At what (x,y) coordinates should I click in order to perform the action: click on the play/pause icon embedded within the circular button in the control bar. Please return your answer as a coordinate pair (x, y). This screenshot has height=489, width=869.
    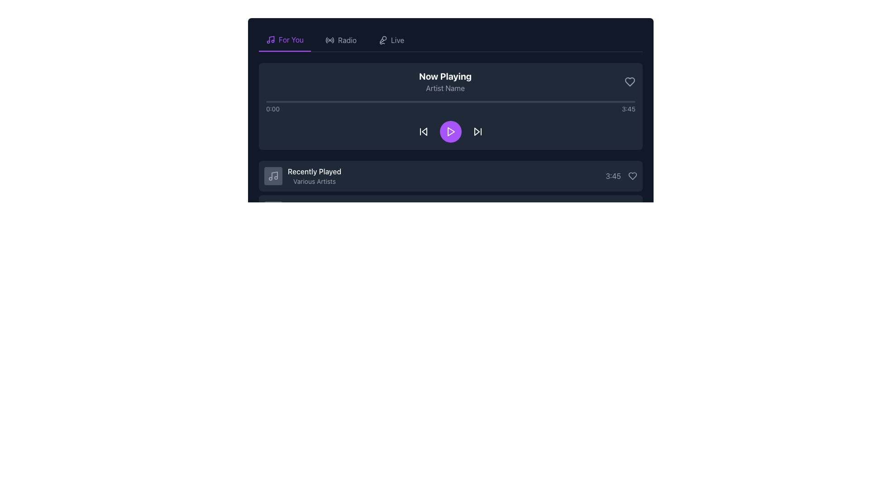
    Looking at the image, I should click on (451, 131).